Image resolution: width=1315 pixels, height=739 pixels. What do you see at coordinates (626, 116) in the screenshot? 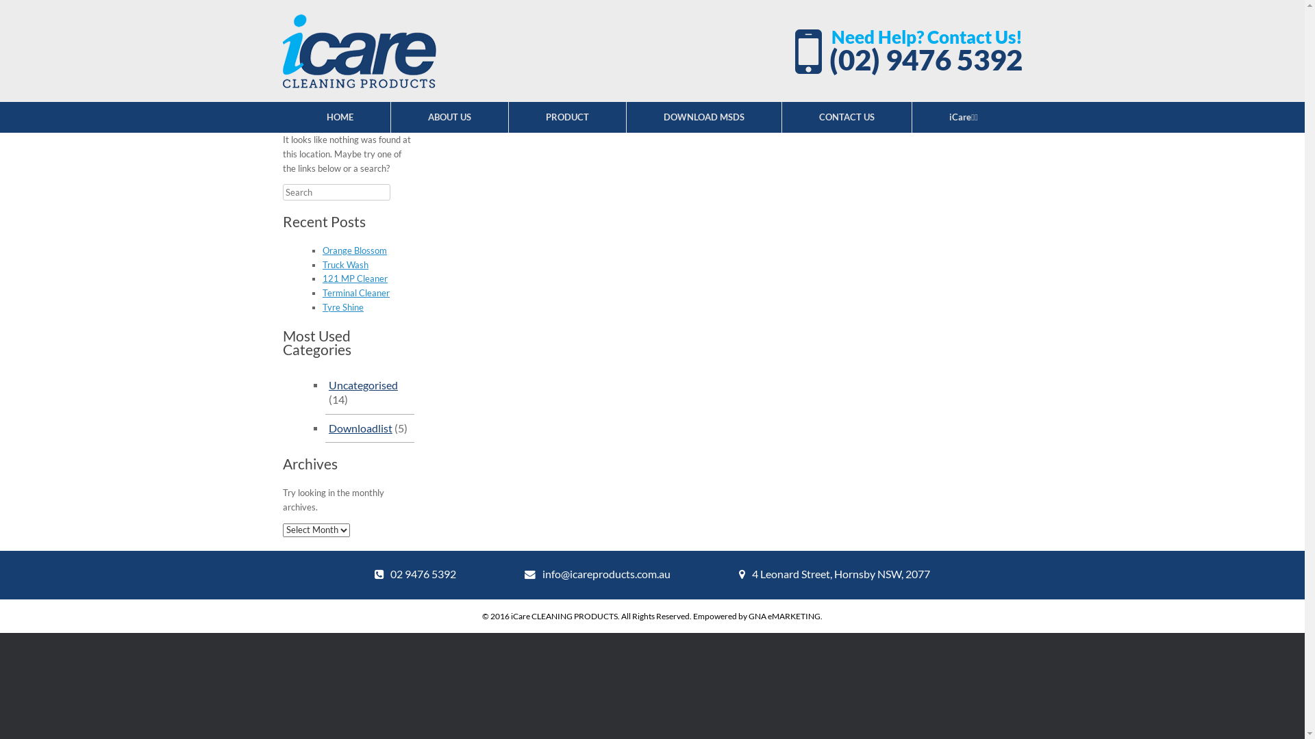
I see `'DOWNLOAD MSDS'` at bounding box center [626, 116].